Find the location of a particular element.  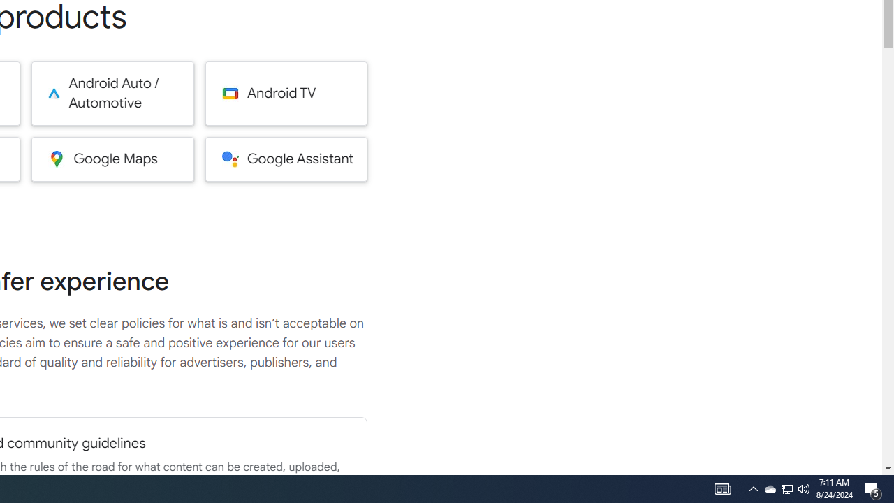

'Google Maps' is located at coordinates (112, 158).